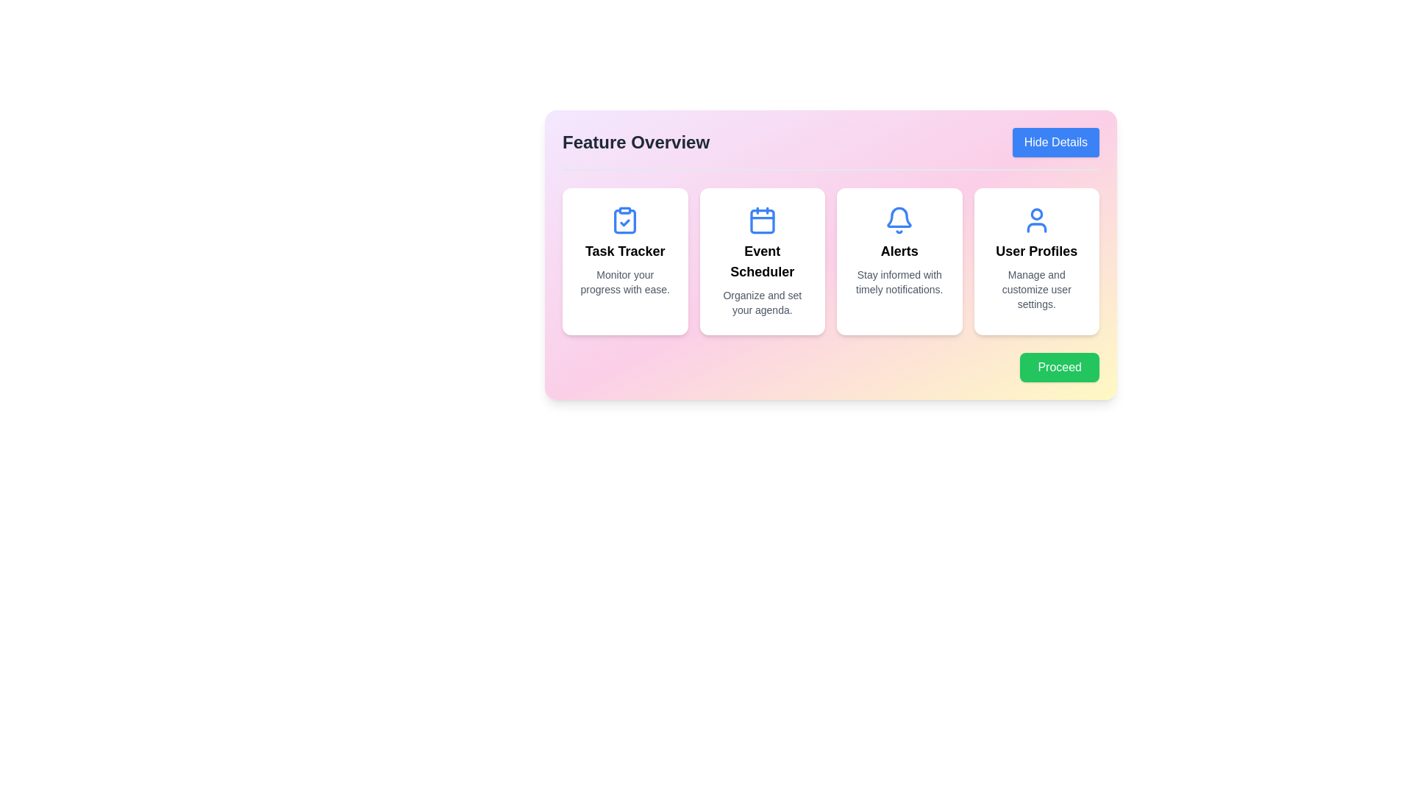 Image resolution: width=1412 pixels, height=794 pixels. What do you see at coordinates (762, 260) in the screenshot?
I see `the 'Event Scheduler' card, which is a rectangular card with a white background, rounded corners, and a calendar icon at the top` at bounding box center [762, 260].